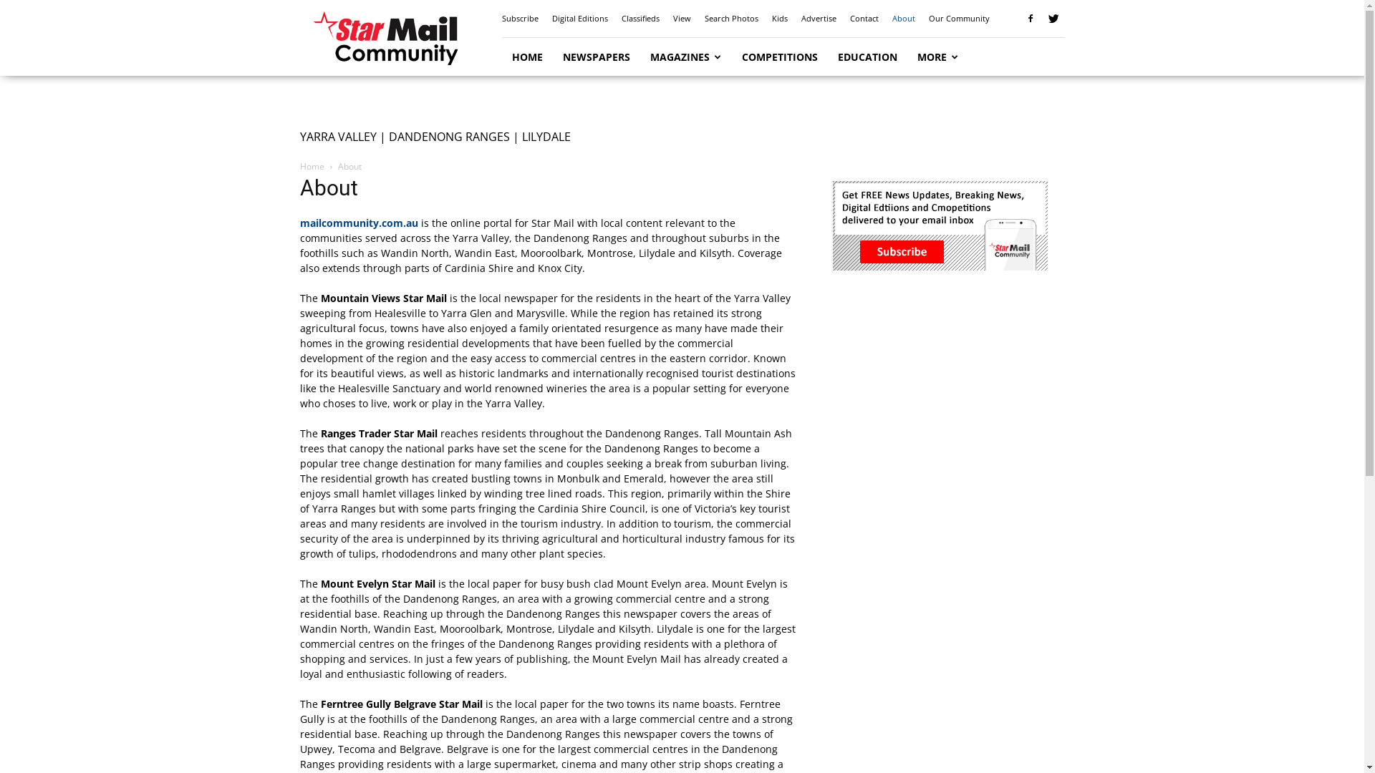 The height and width of the screenshot is (773, 1375). Describe the element at coordinates (622, 18) in the screenshot. I see `'Classifieds'` at that location.